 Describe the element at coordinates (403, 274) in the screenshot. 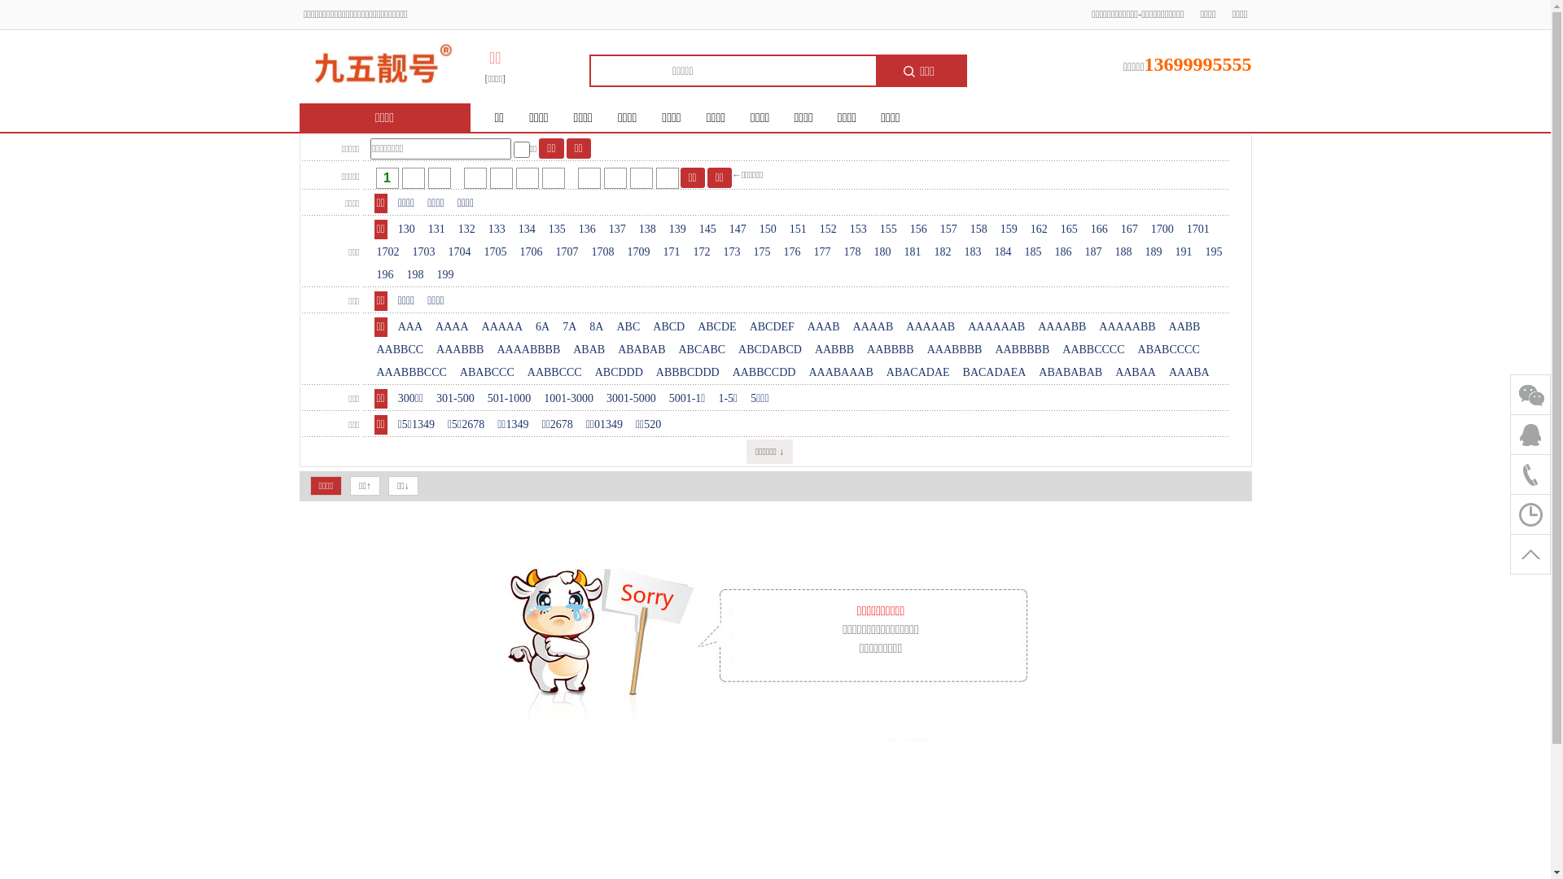

I see `'198'` at that location.